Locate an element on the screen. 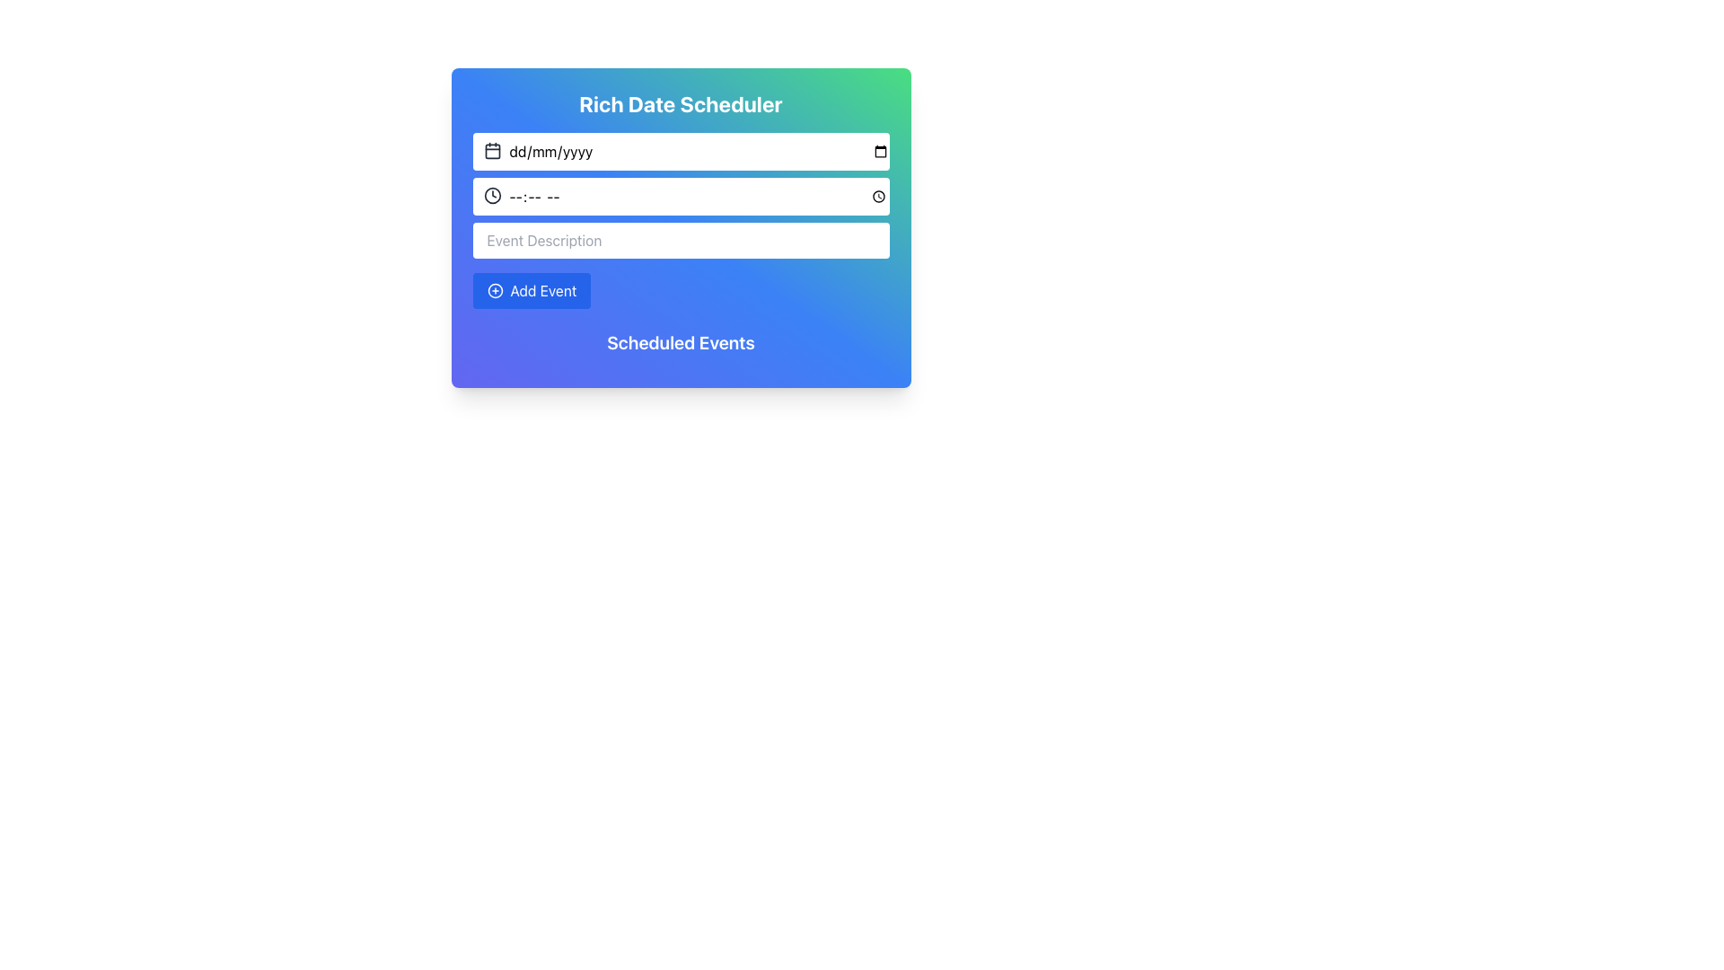 Image resolution: width=1724 pixels, height=970 pixels. the 'Add Event' button located below the 'Event Description' input field to observe the hover effects is located at coordinates (531, 290).